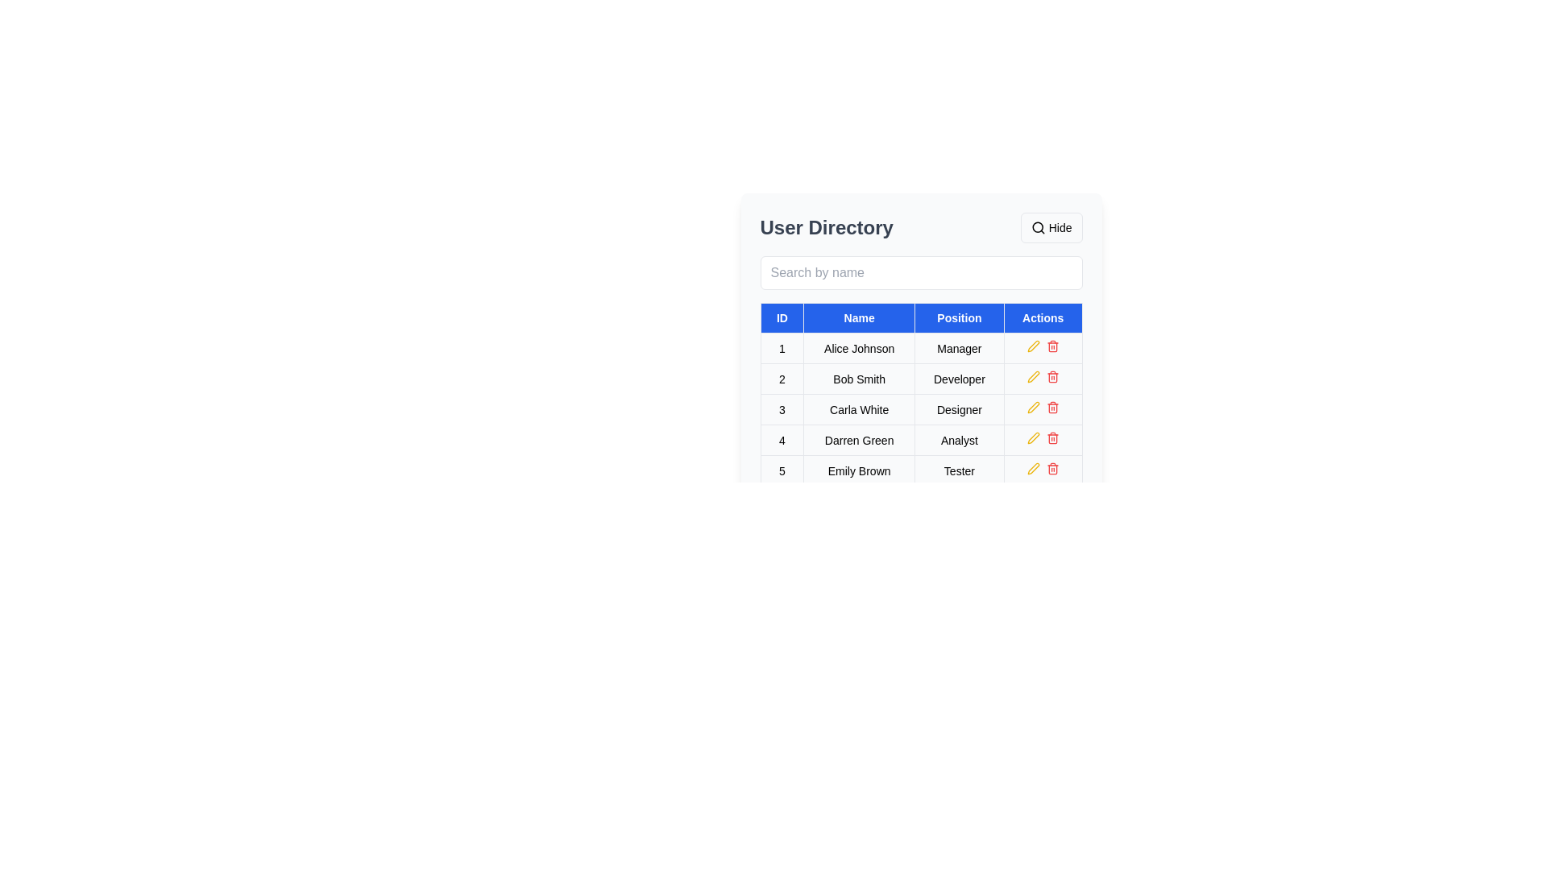 This screenshot has height=870, width=1547. What do you see at coordinates (1033, 437) in the screenshot?
I see `the 'Edit' icon button located in the fourth row of the table under the 'Actions' column for editing information related to 'Darren Green'` at bounding box center [1033, 437].